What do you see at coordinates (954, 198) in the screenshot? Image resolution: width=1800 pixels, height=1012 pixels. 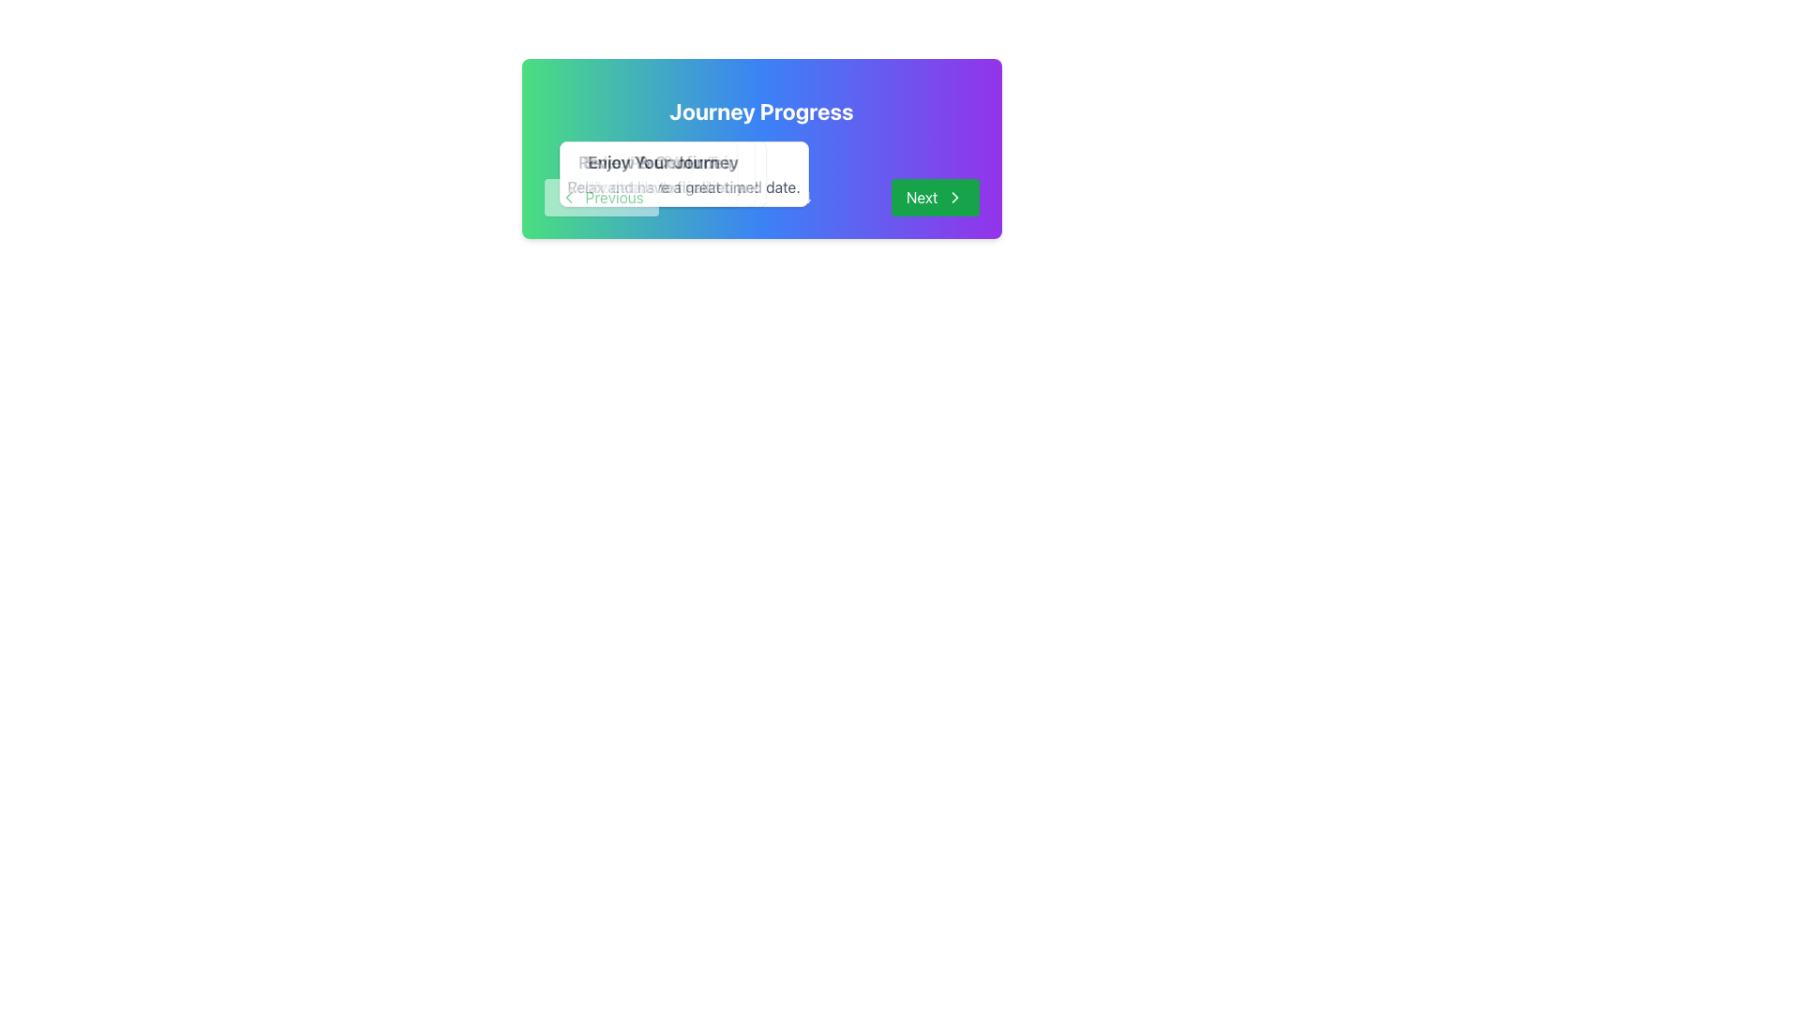 I see `the rightward pointing arrow icon that is part of the green 'Next' button` at bounding box center [954, 198].